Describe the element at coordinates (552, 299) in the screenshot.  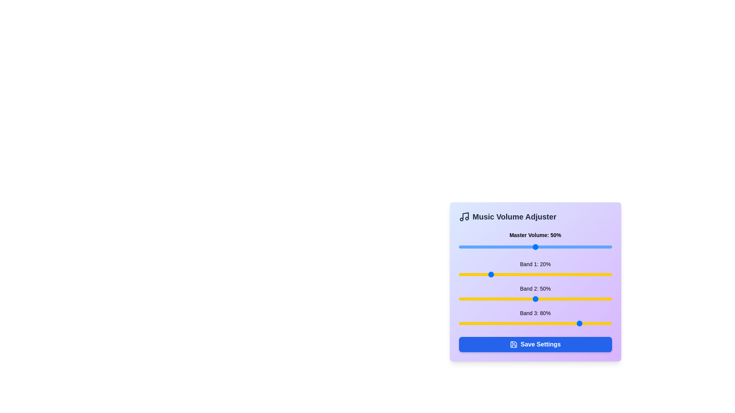
I see `'Band 2' value` at that location.